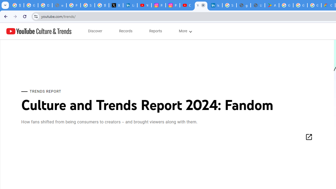 This screenshot has width=336, height=189. I want to click on 'subnav-Discover menupopup', so click(95, 31).